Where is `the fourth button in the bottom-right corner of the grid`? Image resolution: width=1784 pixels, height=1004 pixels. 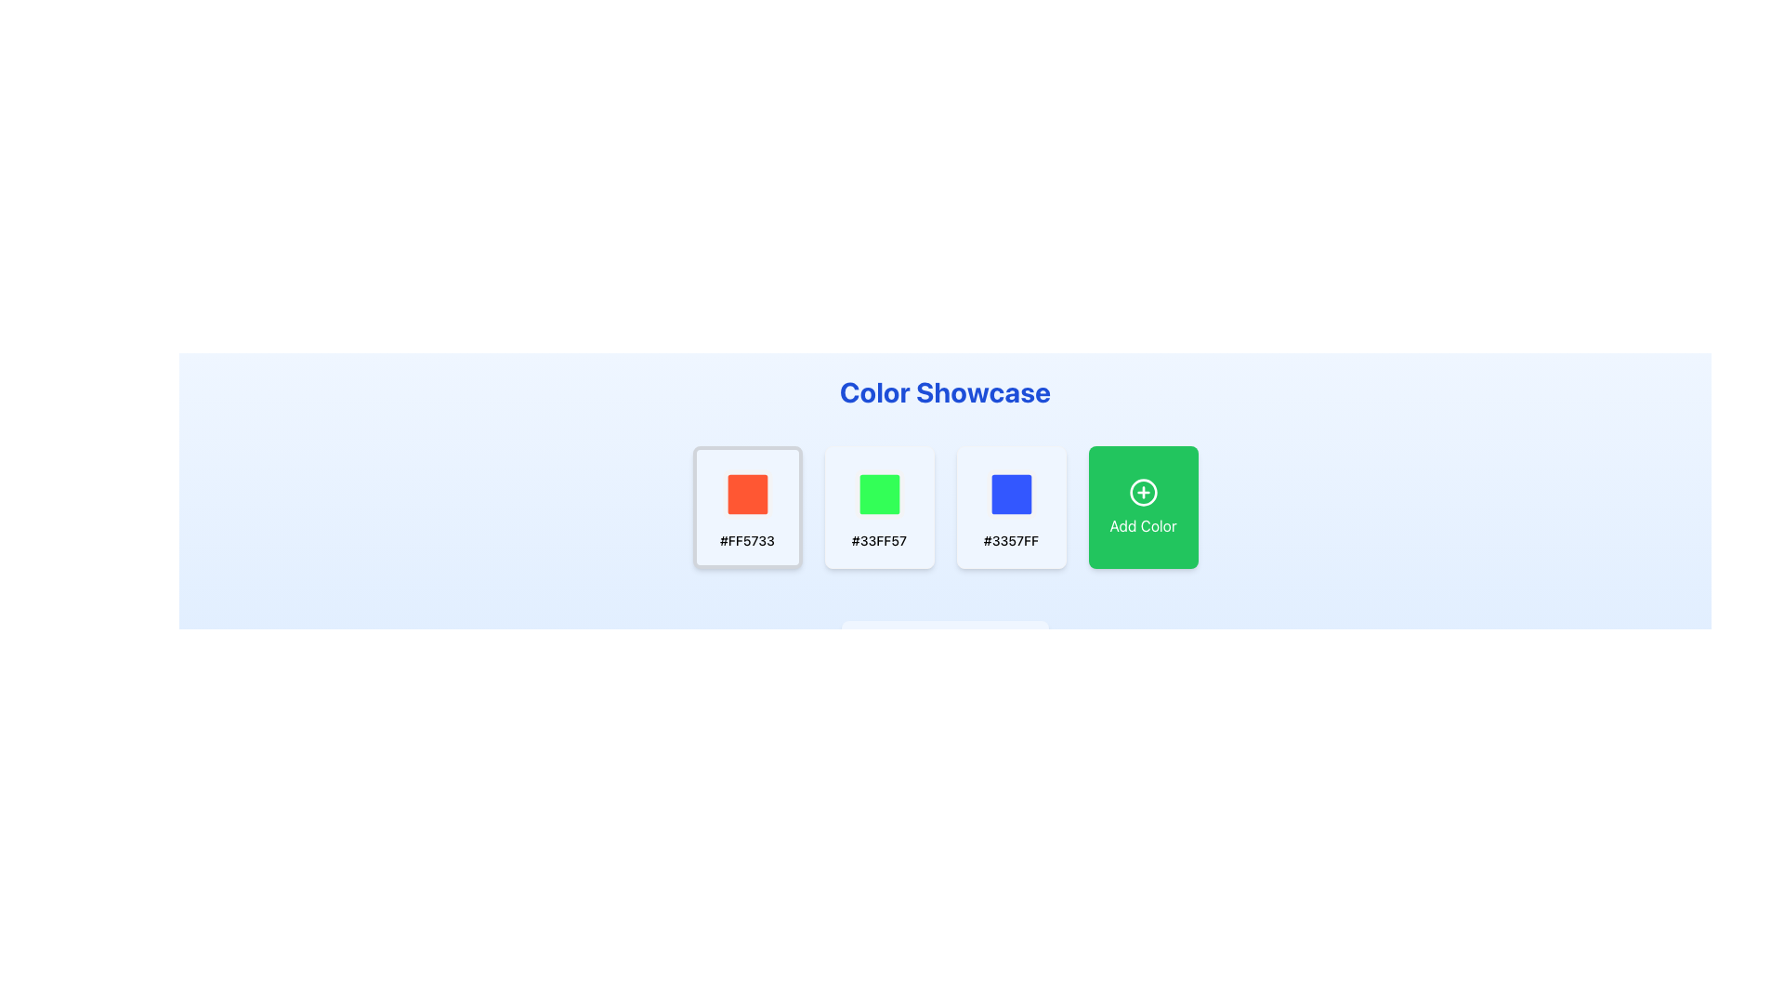
the fourth button in the bottom-right corner of the grid is located at coordinates (1142, 508).